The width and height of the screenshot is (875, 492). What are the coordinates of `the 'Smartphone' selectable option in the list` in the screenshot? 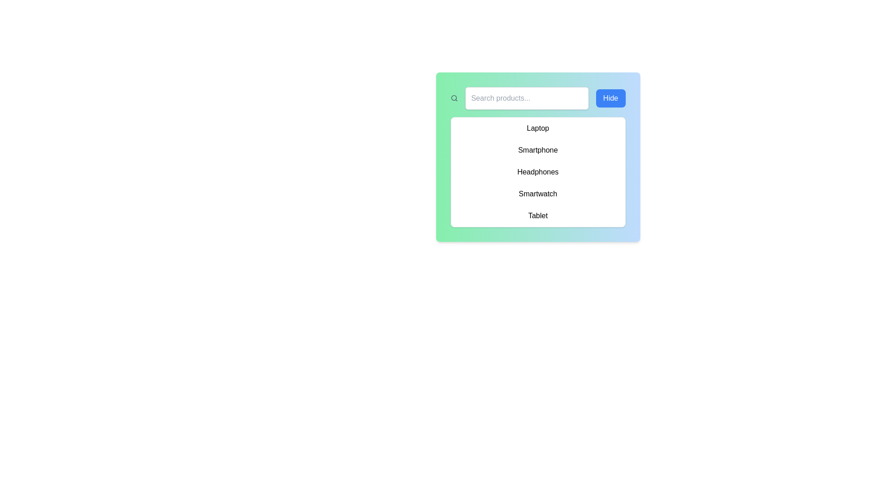 It's located at (538, 150).